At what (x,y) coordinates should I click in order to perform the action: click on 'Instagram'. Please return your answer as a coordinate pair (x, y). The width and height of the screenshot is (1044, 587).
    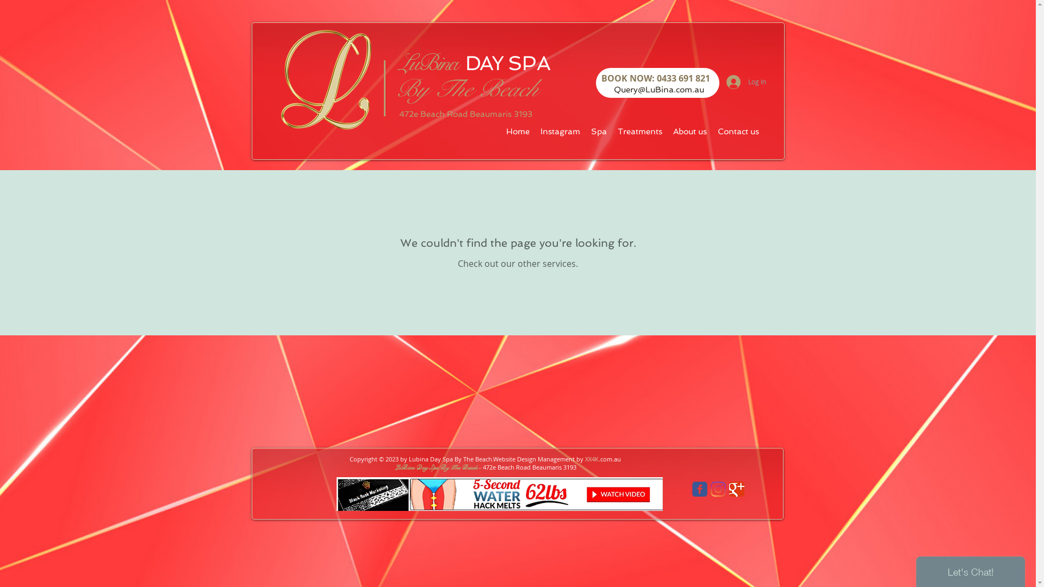
    Looking at the image, I should click on (560, 131).